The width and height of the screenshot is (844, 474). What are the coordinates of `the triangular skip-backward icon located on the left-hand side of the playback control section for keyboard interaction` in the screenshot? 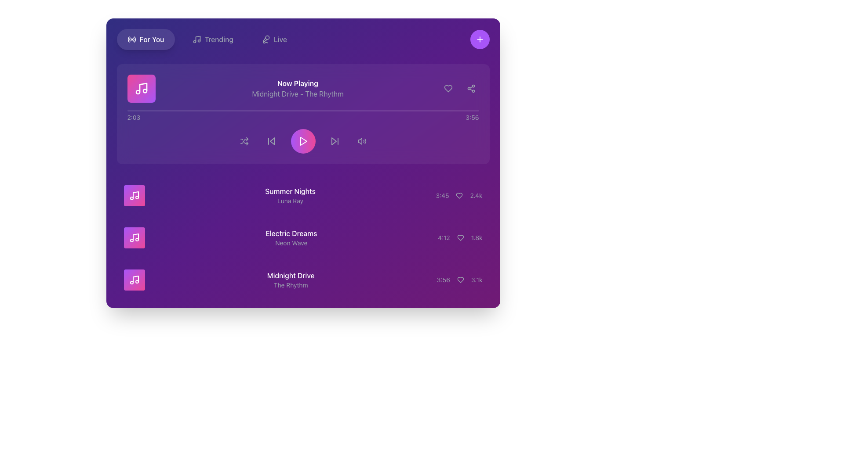 It's located at (272, 140).